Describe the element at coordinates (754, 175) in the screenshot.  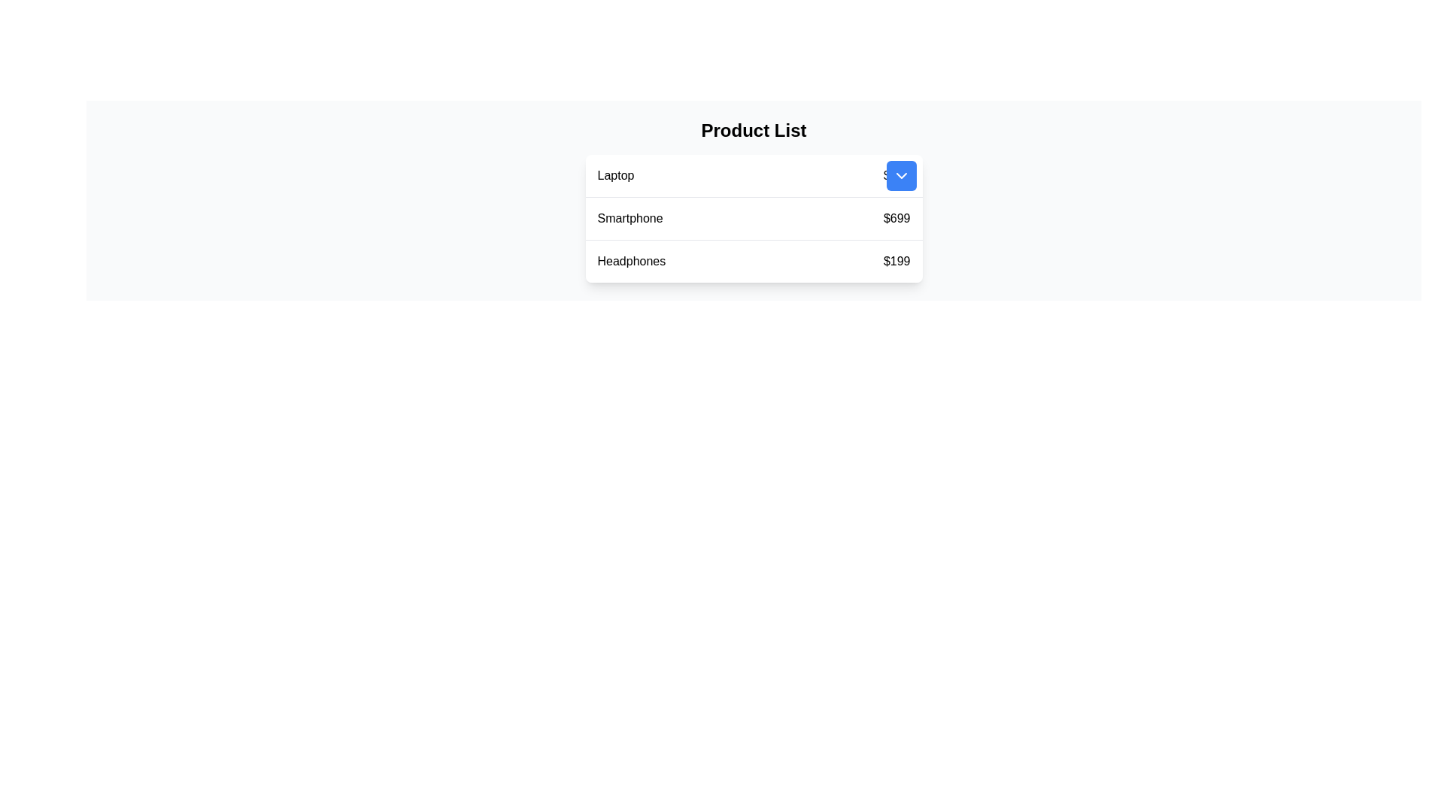
I see `the first item` at that location.